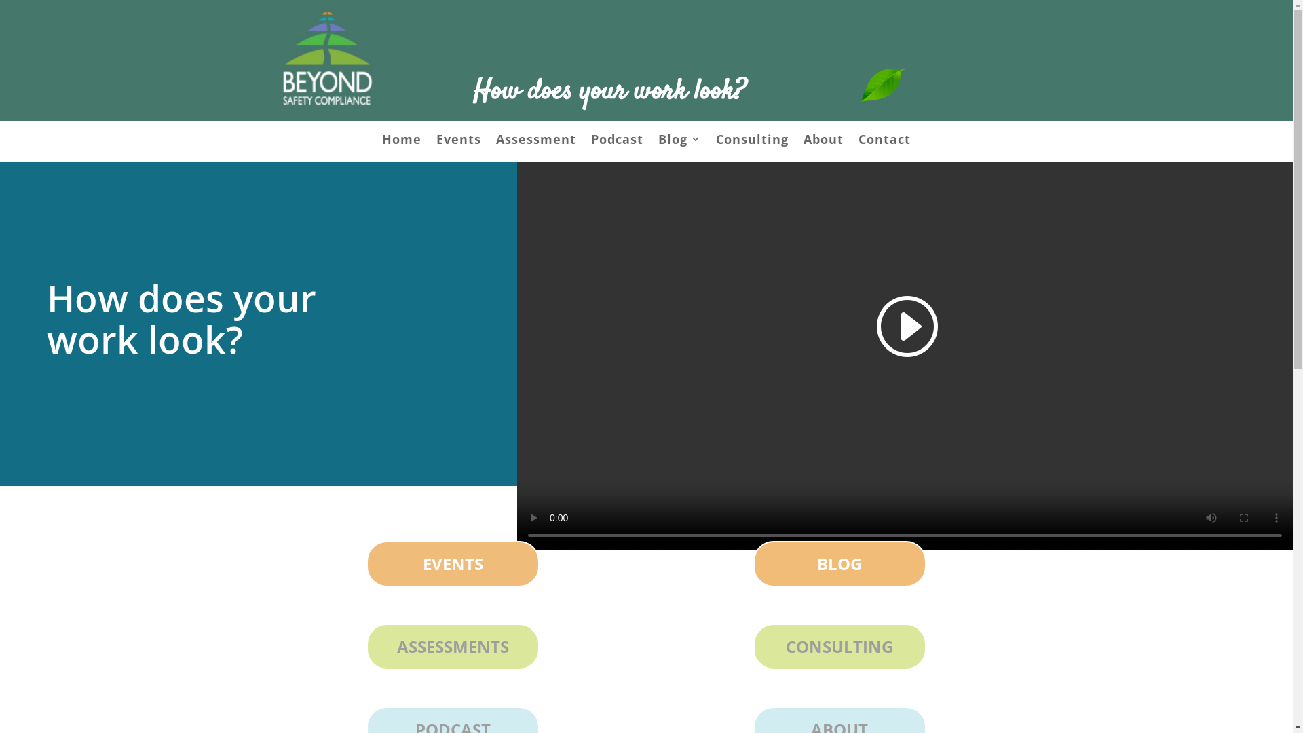  I want to click on 'Podcast', so click(616, 141).